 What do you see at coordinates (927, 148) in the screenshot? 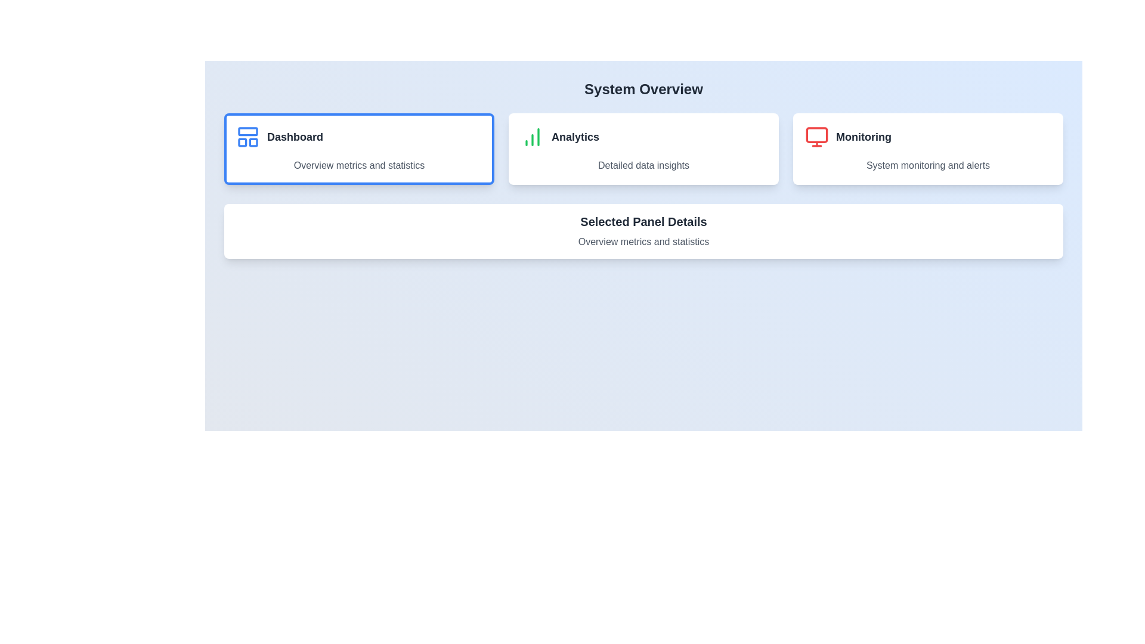
I see `the 'Monitoring' card element, which is the third card in the grid layout, located in the top-right corner, featuring a red monitor icon and the title 'Monitoring'` at bounding box center [927, 148].